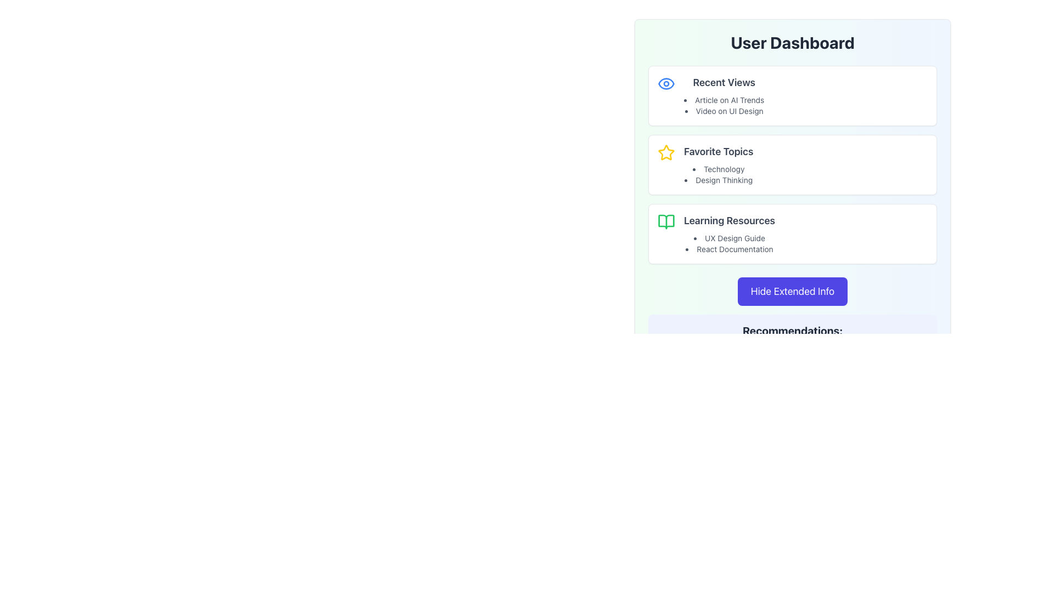 Image resolution: width=1054 pixels, height=592 pixels. Describe the element at coordinates (719, 174) in the screenshot. I see `the Bullet list displaying favorite topics located in the 'Favorite Topics' section, which appears below the title and above 'Learning Resources.'` at that location.